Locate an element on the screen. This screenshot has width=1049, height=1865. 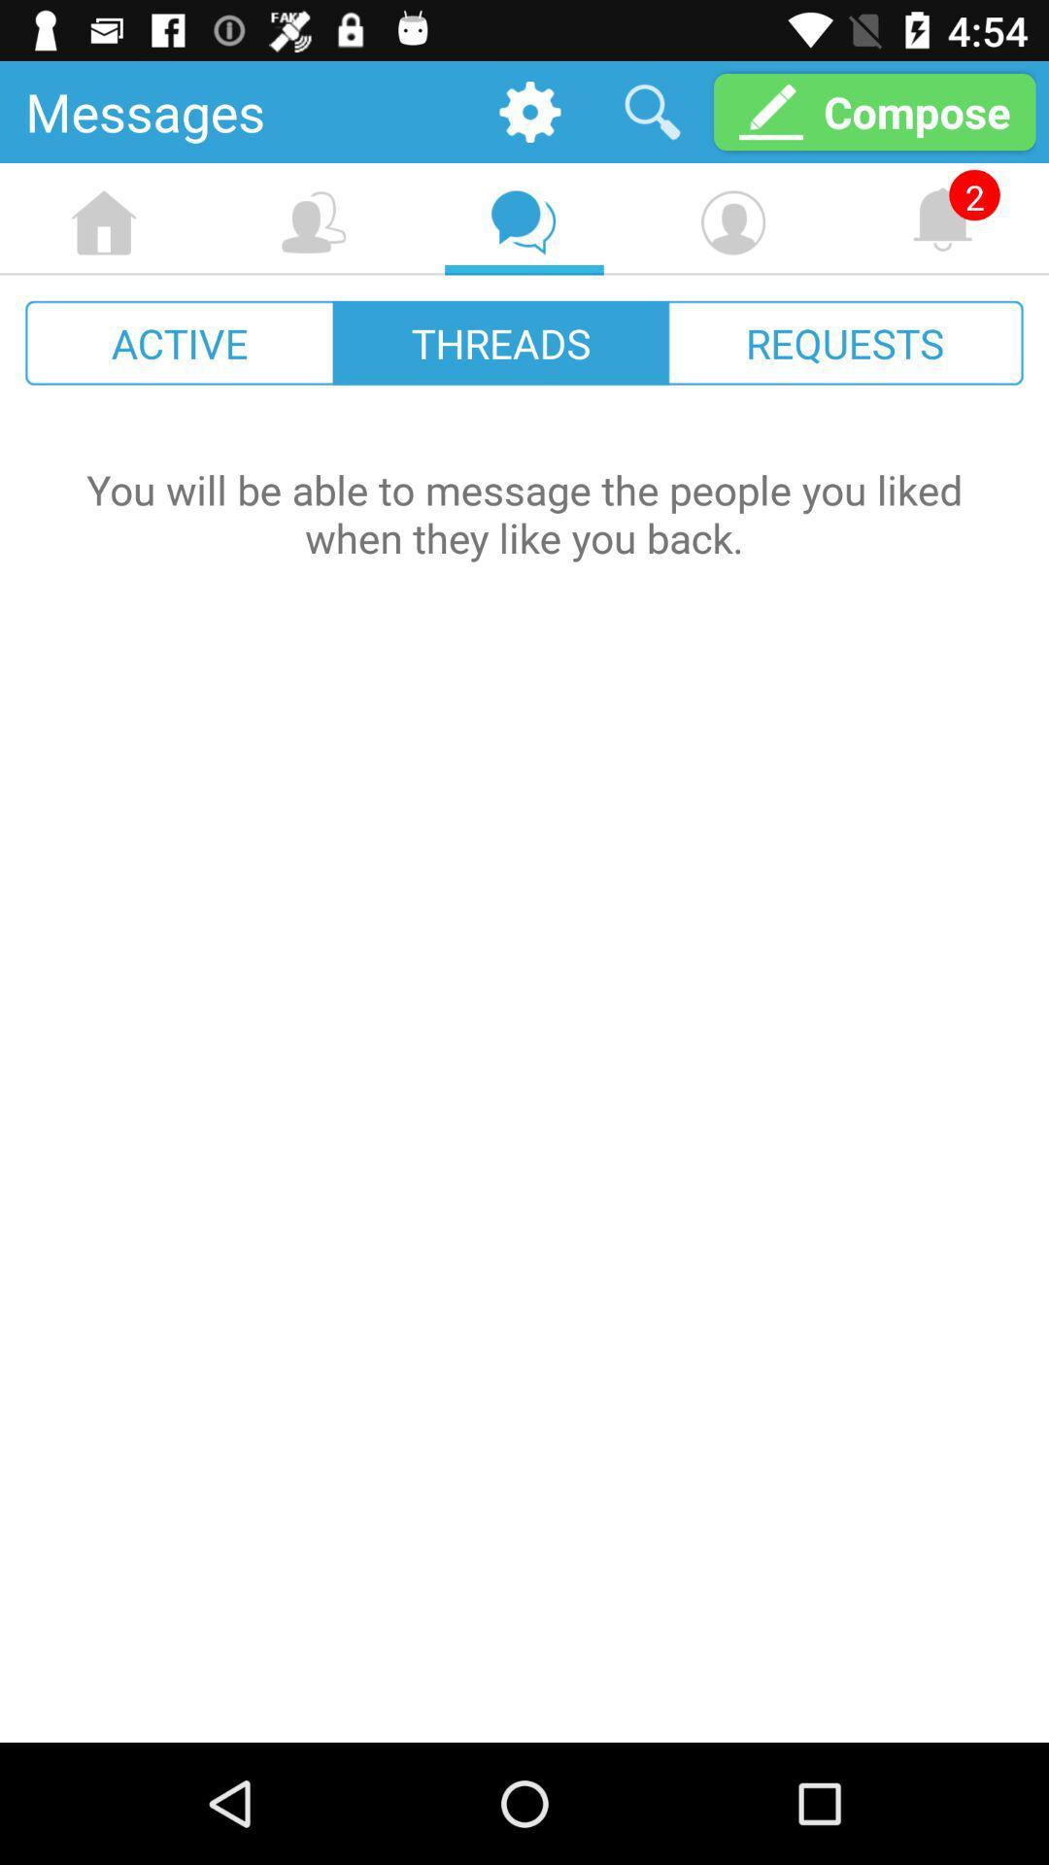
compose is located at coordinates (874, 111).